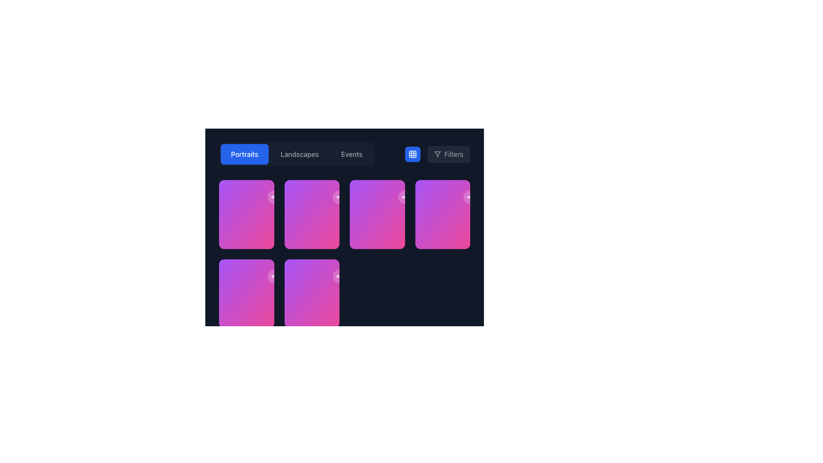 This screenshot has width=823, height=463. I want to click on the VisualGridCard, which is the last tile in the second row of a grid layout, so click(311, 293).